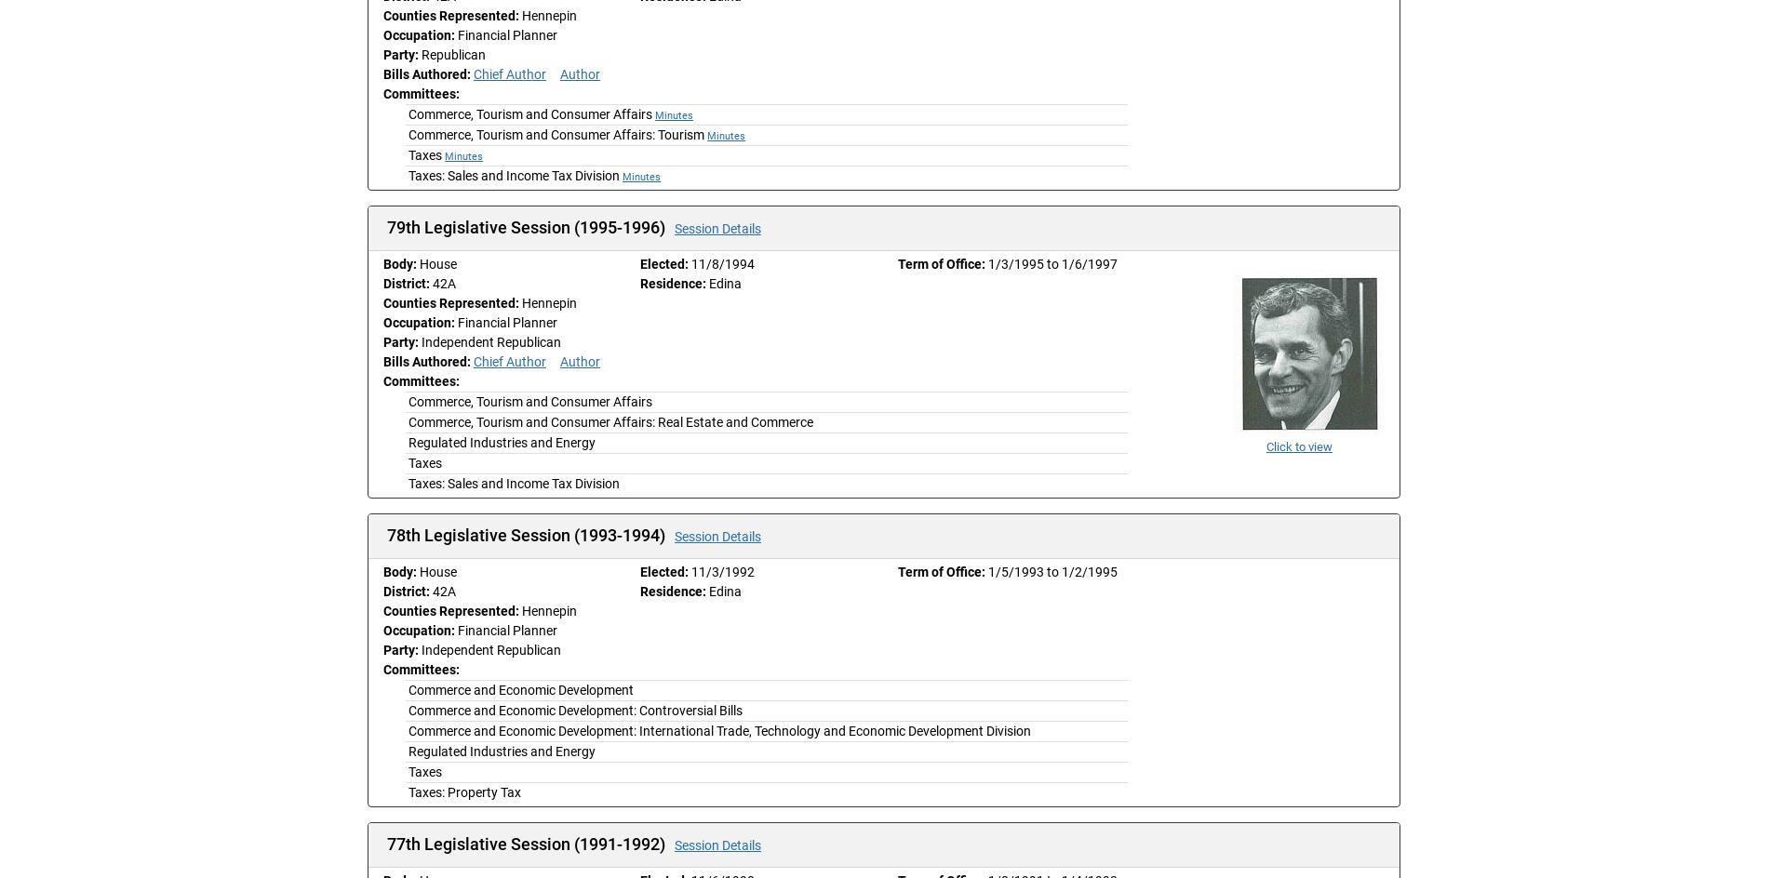 Image resolution: width=1768 pixels, height=878 pixels. What do you see at coordinates (718, 729) in the screenshot?
I see `'Commerce and Economic Development: International Trade, Technology and Economic Development Division'` at bounding box center [718, 729].